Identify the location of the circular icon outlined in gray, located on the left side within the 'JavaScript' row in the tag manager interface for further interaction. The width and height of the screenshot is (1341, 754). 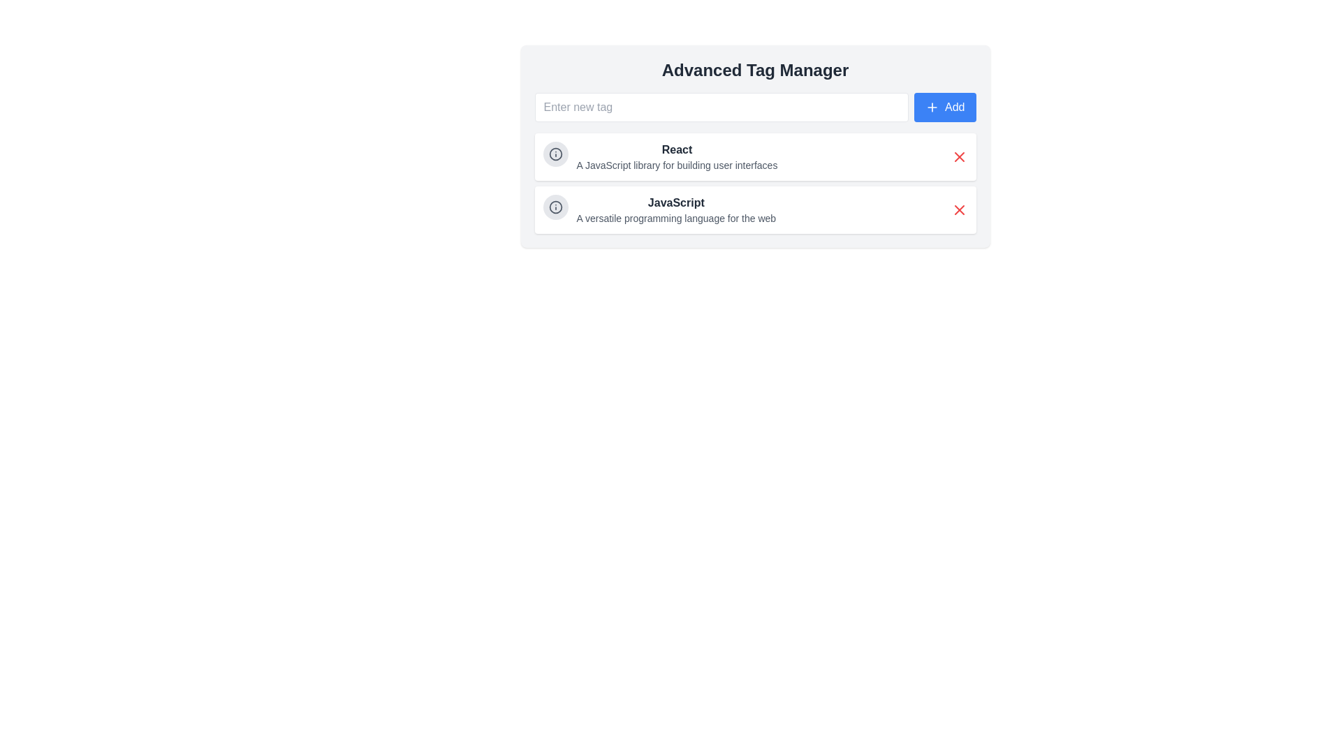
(555, 207).